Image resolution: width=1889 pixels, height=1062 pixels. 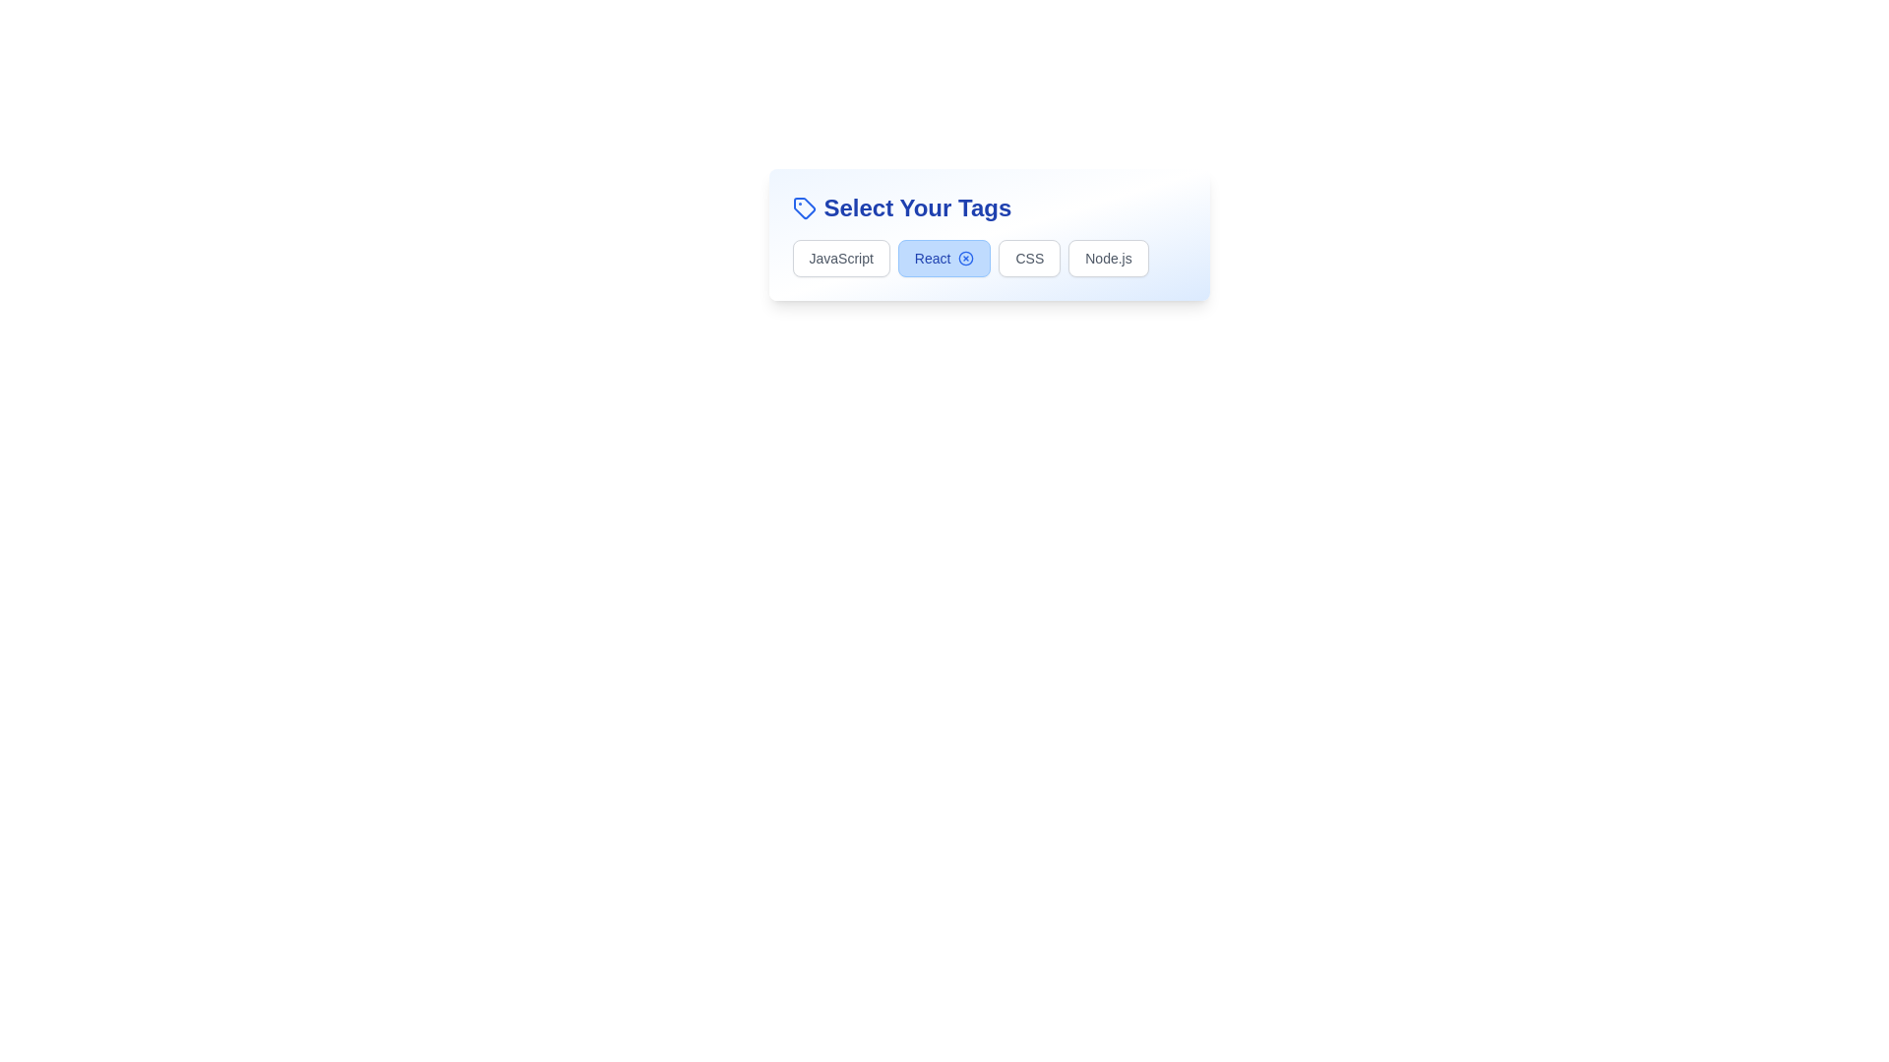 I want to click on the tag icon with a blue outline located to the left of the 'Select Your Tags' text in the header section, so click(x=804, y=208).